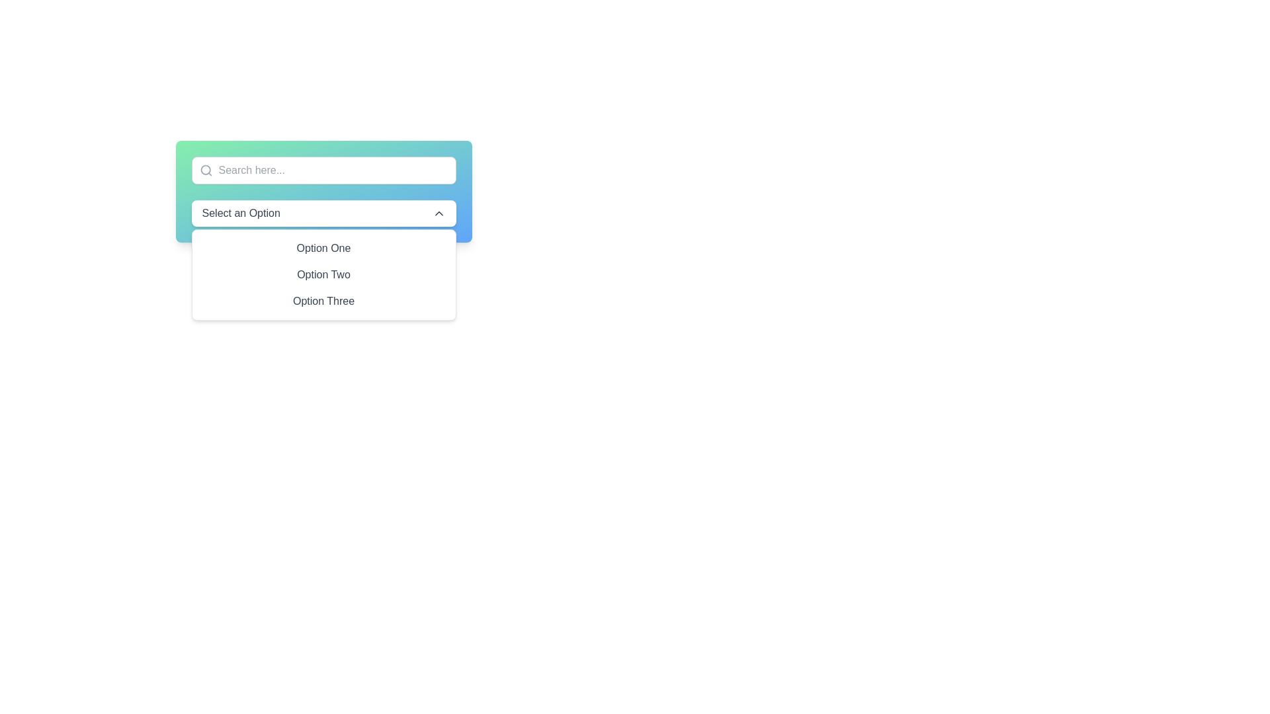 The width and height of the screenshot is (1270, 714). Describe the element at coordinates (205, 170) in the screenshot. I see `the search icon located to the left of the search input field, which indicates the search functionality` at that location.